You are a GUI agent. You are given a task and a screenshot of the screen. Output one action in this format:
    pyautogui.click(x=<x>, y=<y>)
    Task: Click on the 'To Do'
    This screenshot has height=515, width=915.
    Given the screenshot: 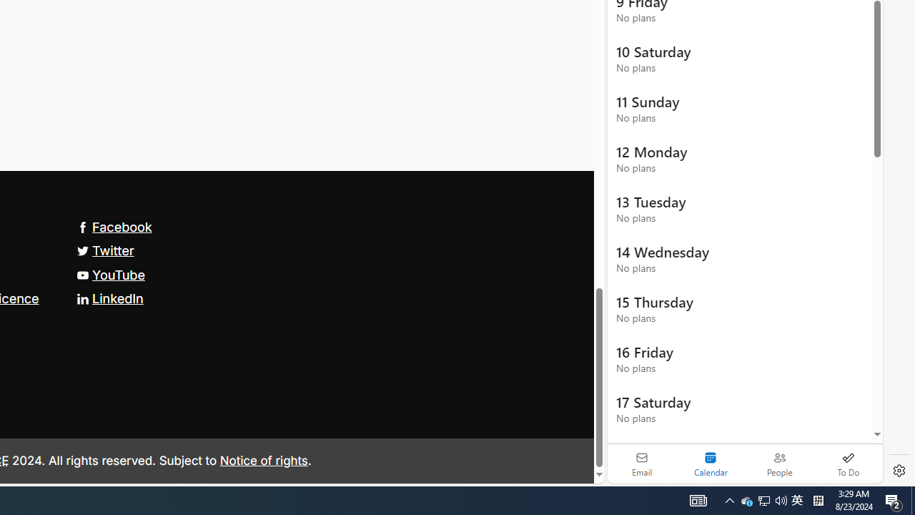 What is the action you would take?
    pyautogui.click(x=848, y=463)
    